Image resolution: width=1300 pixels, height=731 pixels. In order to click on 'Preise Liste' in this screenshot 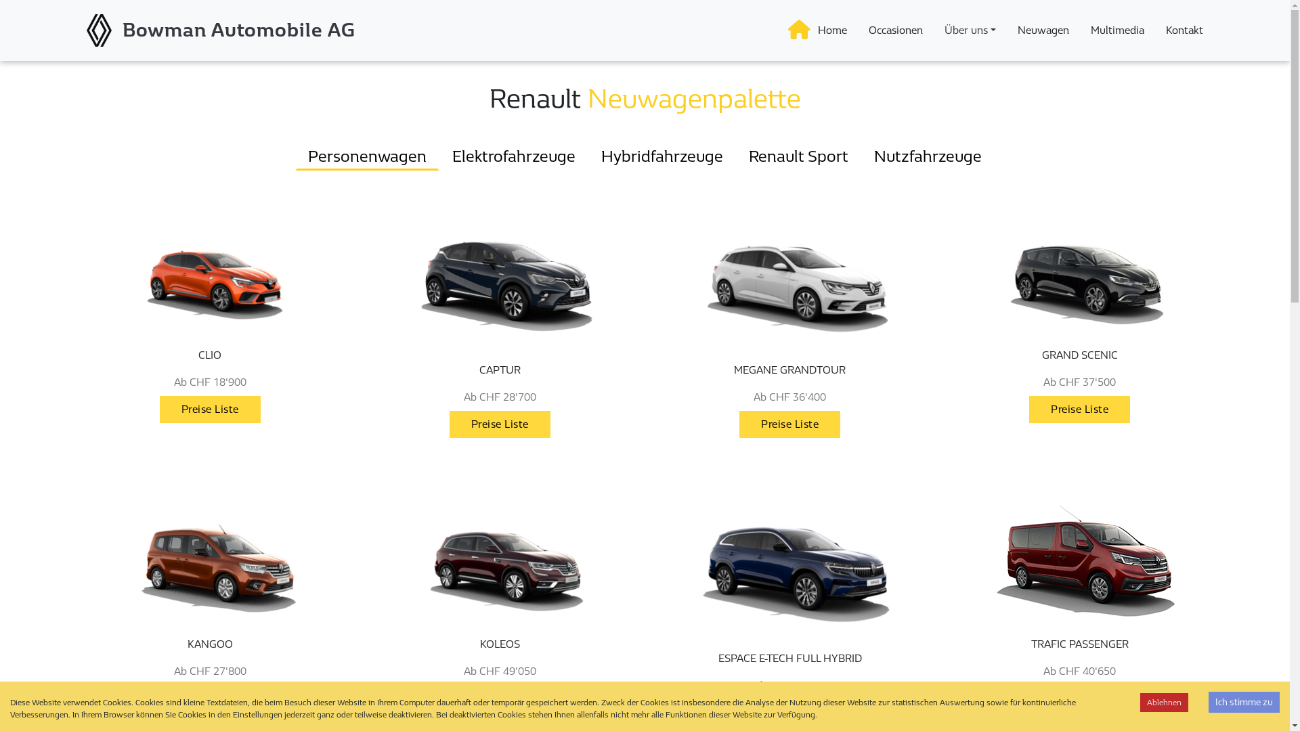, I will do `click(449, 699)`.